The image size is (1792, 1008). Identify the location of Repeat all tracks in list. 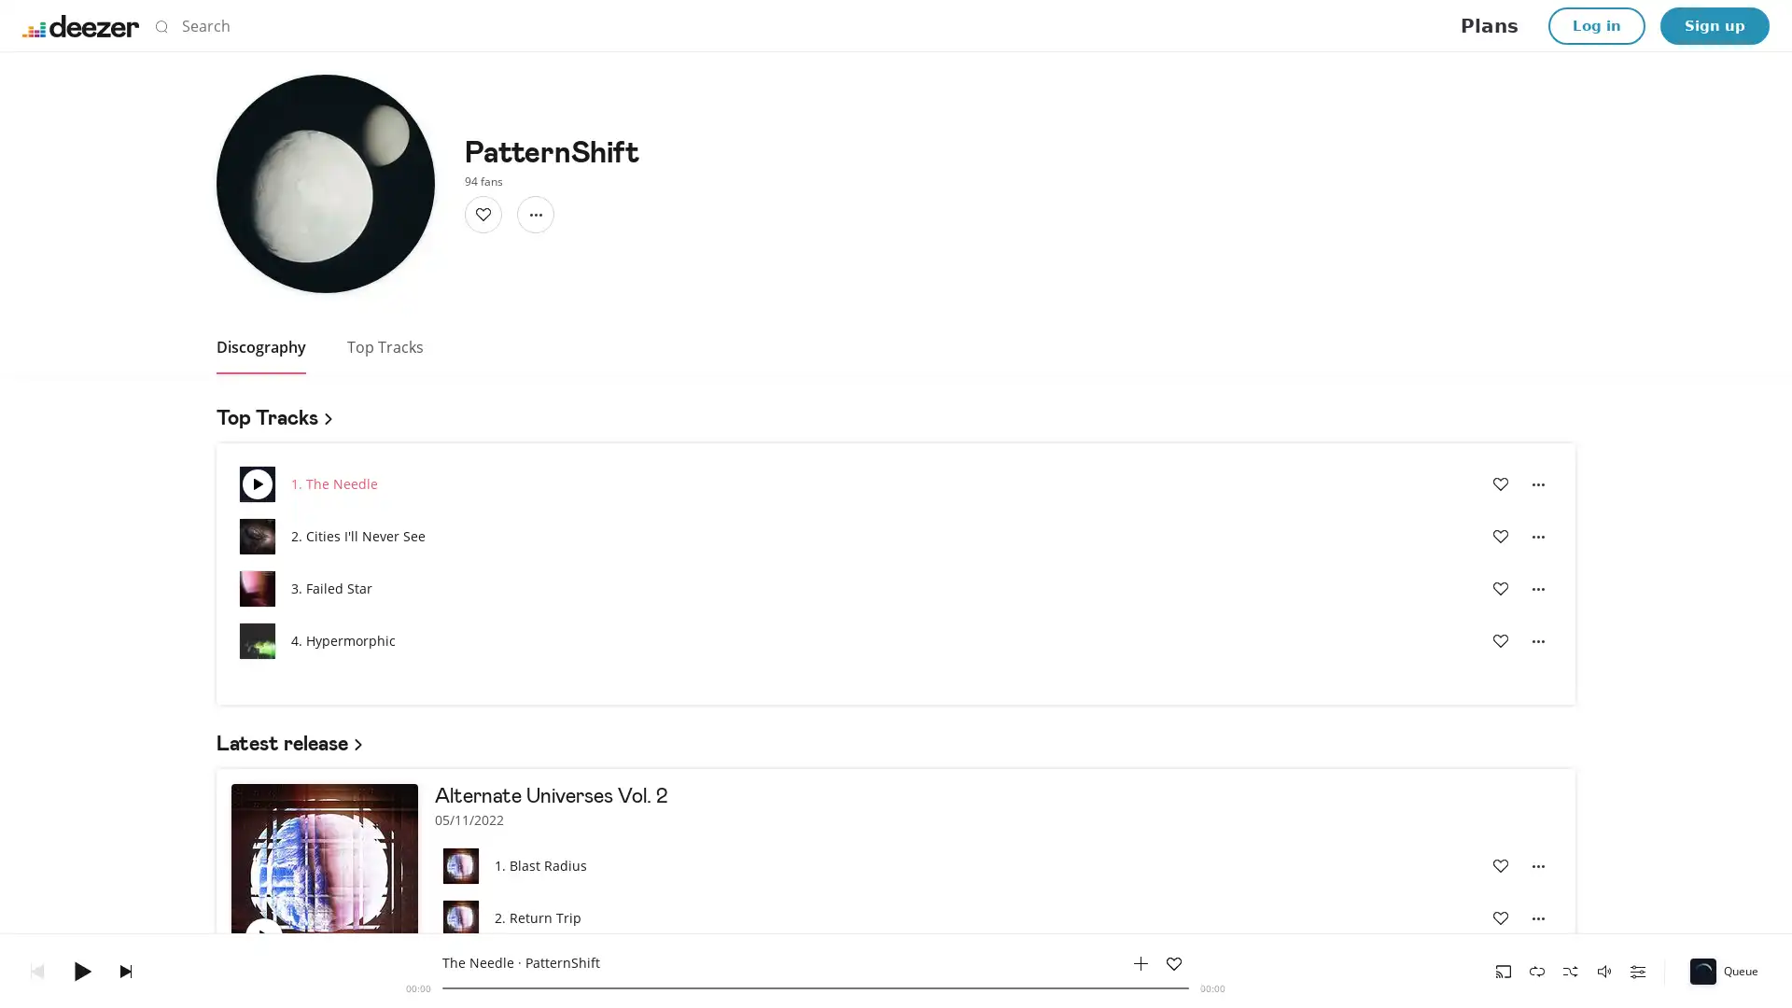
(1536, 970).